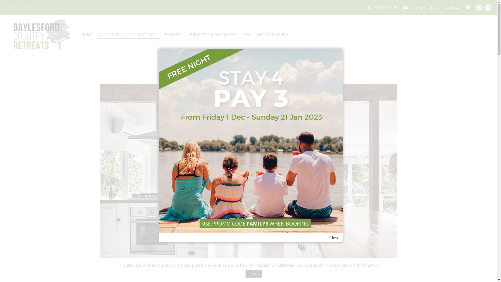  I want to click on 'reservations@dayburn.com.au', so click(432, 8).